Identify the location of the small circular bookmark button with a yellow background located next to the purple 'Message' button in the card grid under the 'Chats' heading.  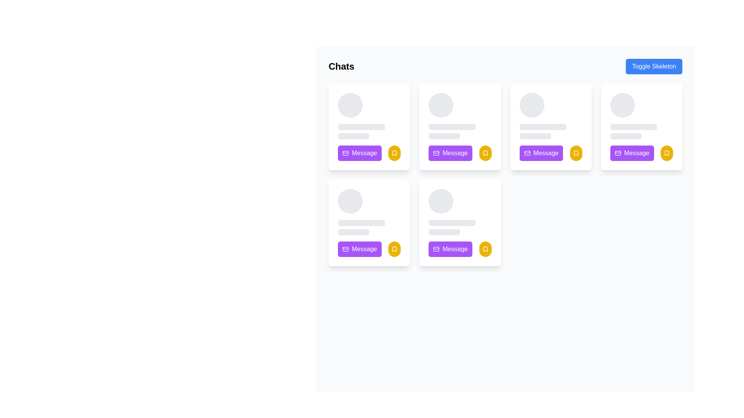
(394, 153).